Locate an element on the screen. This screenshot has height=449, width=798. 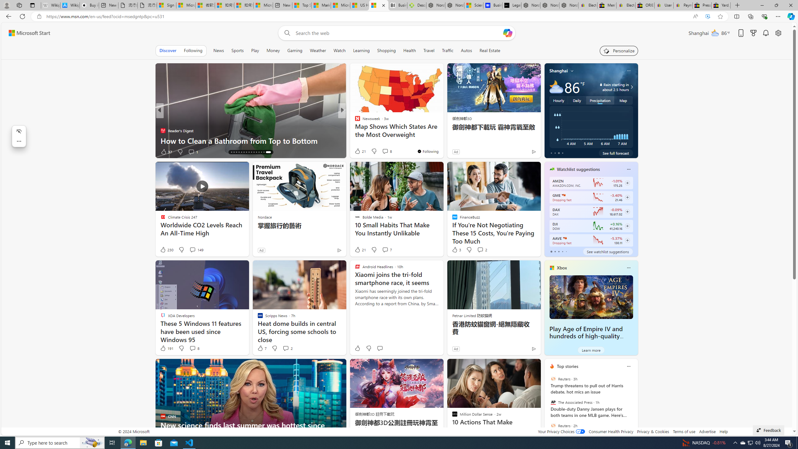
'AutomationID: tab-20' is located at coordinates (244, 152).